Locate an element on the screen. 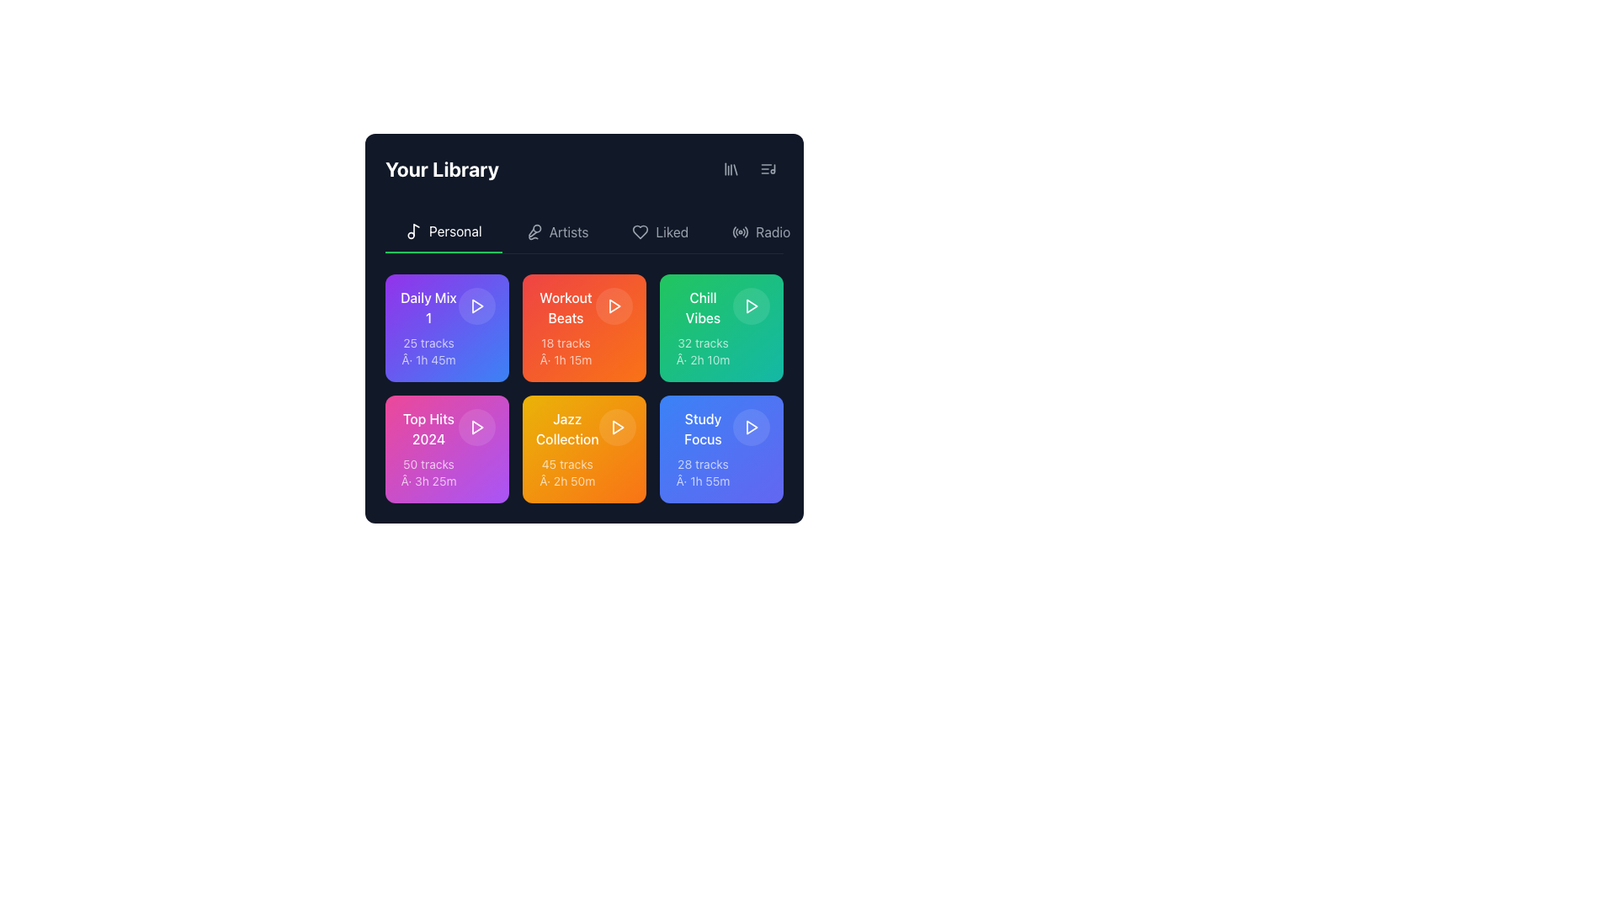 Image resolution: width=1616 pixels, height=909 pixels. the 'Jazz Collection' label, which is the title for the music collection in the second card from the left in the bottom row of the grid layout is located at coordinates (567, 428).